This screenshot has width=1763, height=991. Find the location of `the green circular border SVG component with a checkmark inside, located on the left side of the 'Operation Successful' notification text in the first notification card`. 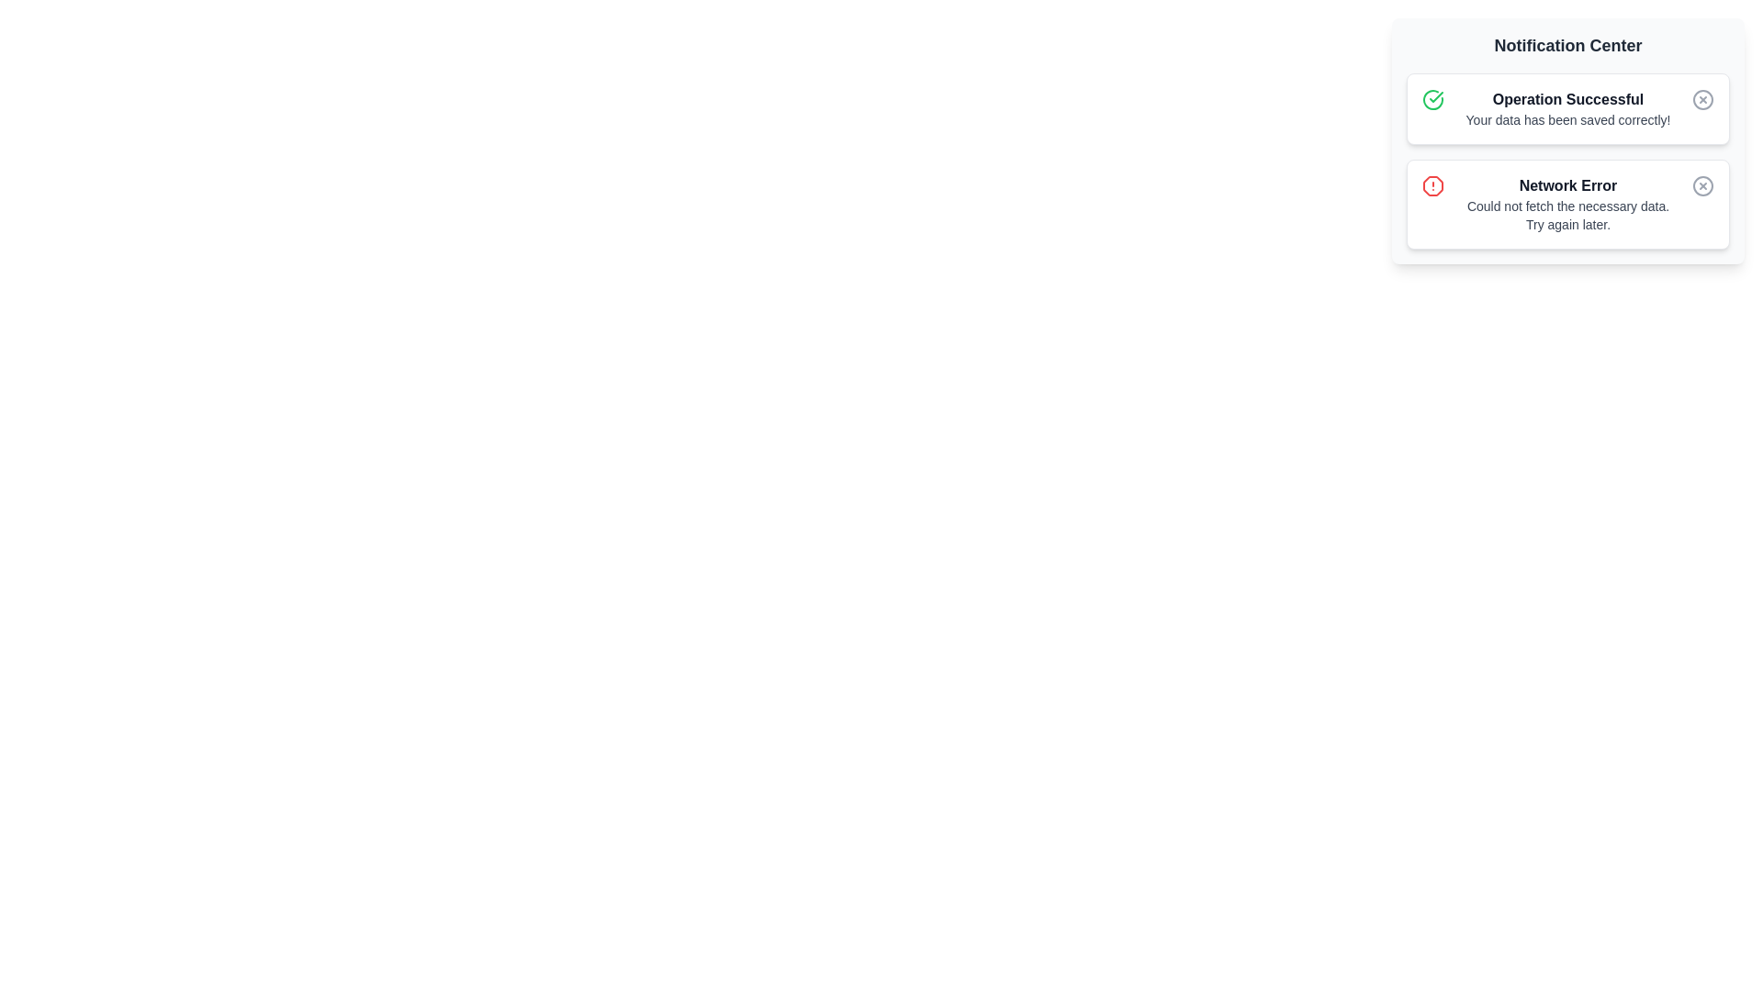

the green circular border SVG component with a checkmark inside, located on the left side of the 'Operation Successful' notification text in the first notification card is located at coordinates (1432, 99).